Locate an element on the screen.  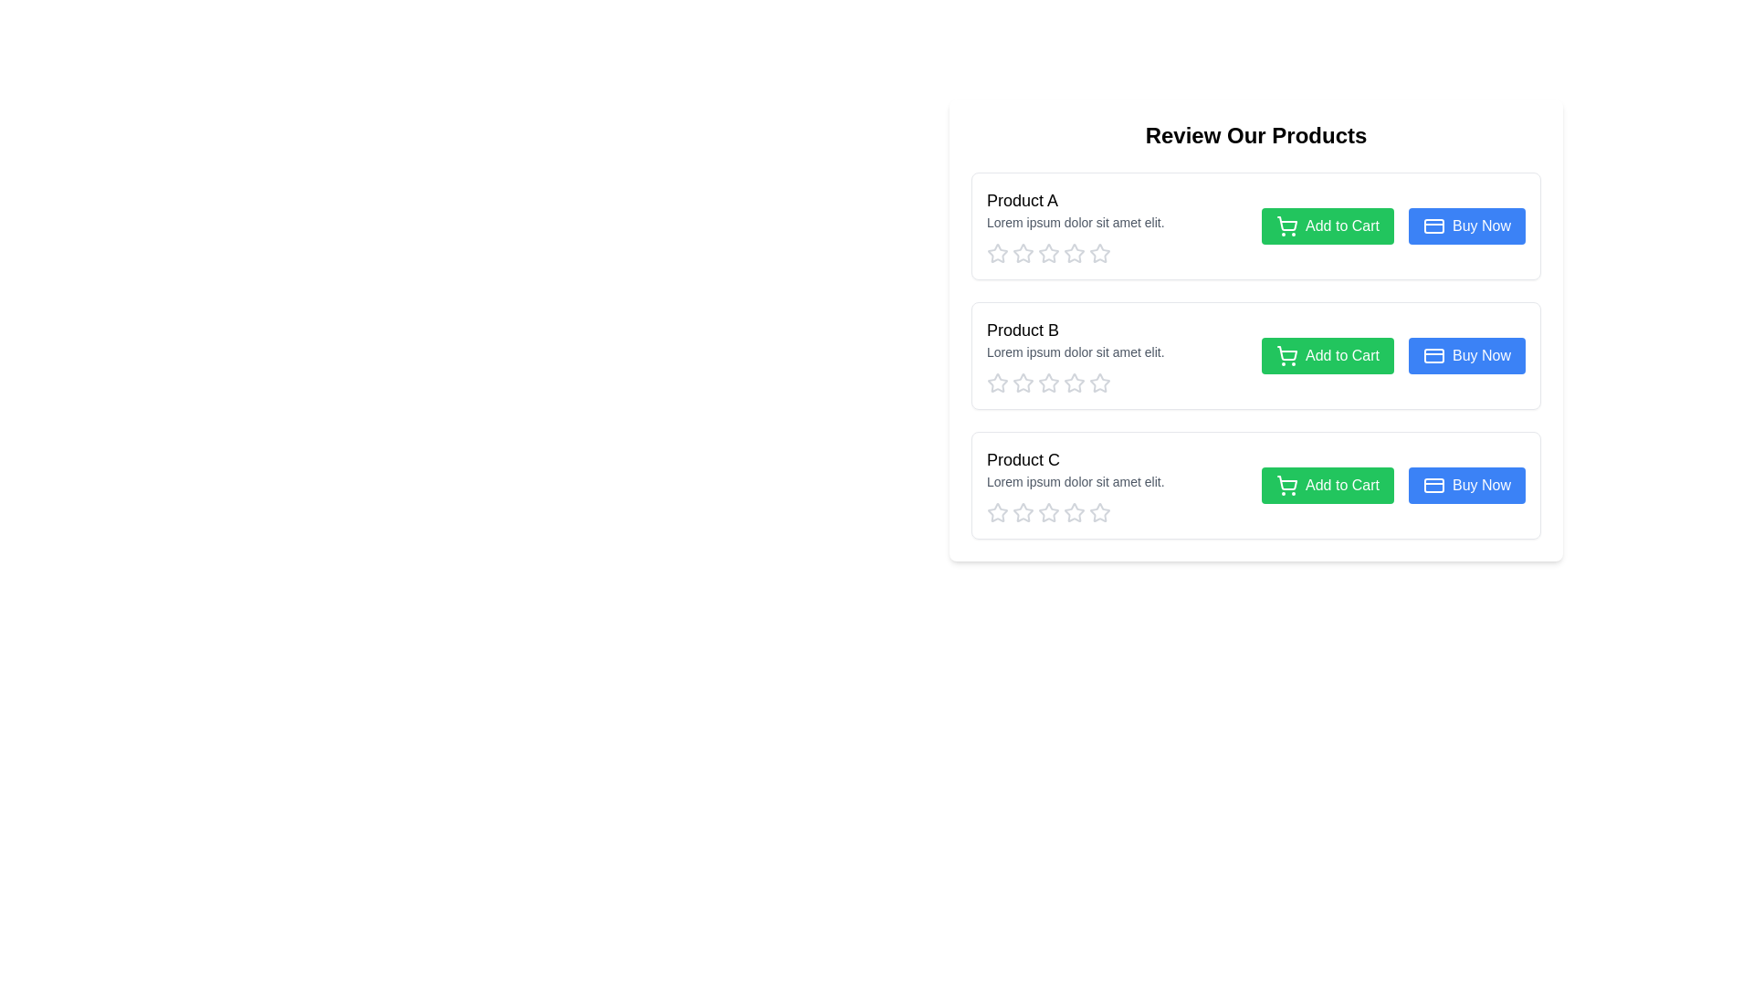
the fifth star icon with a gray outline to rate 'Product A' in the review and rating interface is located at coordinates (1098, 253).